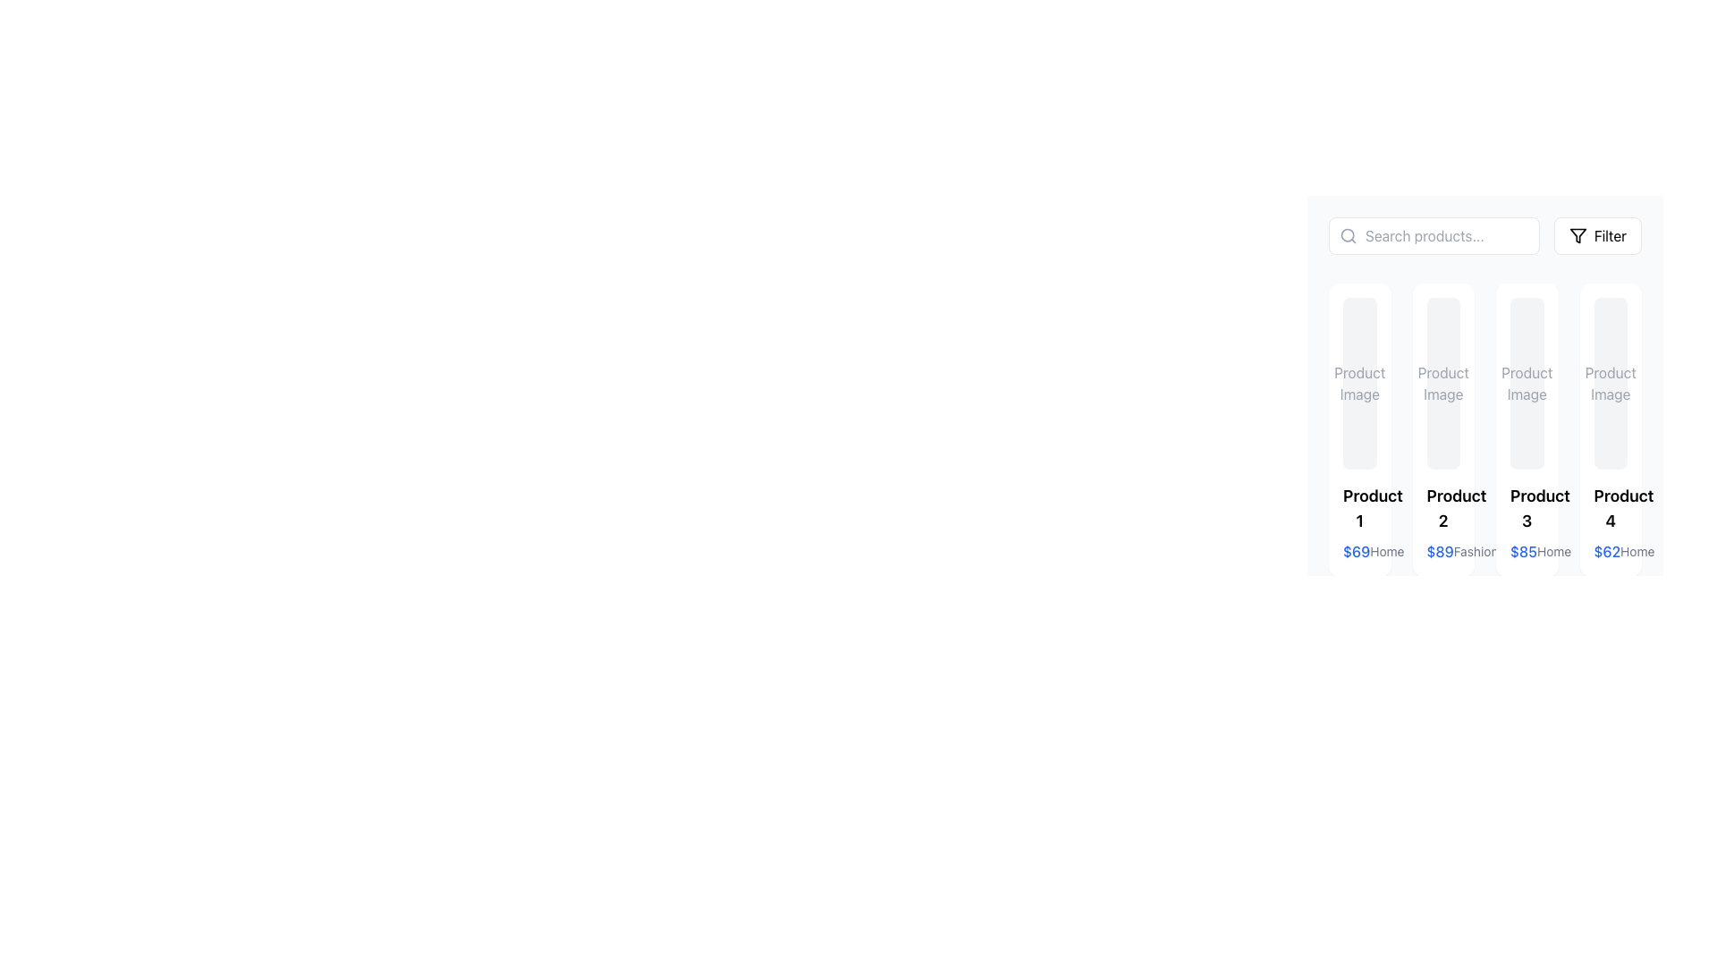 This screenshot has height=966, width=1717. I want to click on the price label displaying '$85', which is positioned beneath the 'Product 3' title and to the left of the 'Home' label in the third product card, so click(1523, 551).